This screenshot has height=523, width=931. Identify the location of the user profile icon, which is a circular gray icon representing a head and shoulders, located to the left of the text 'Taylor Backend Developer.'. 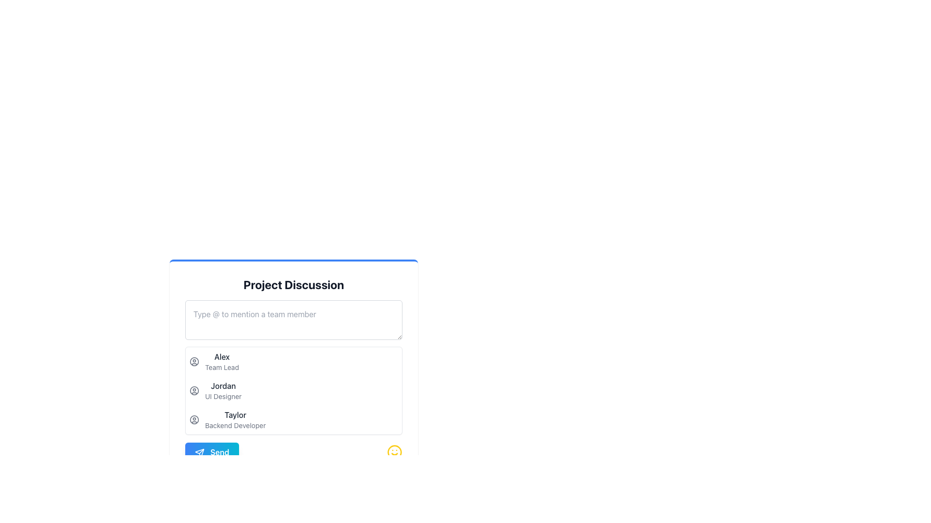
(194, 419).